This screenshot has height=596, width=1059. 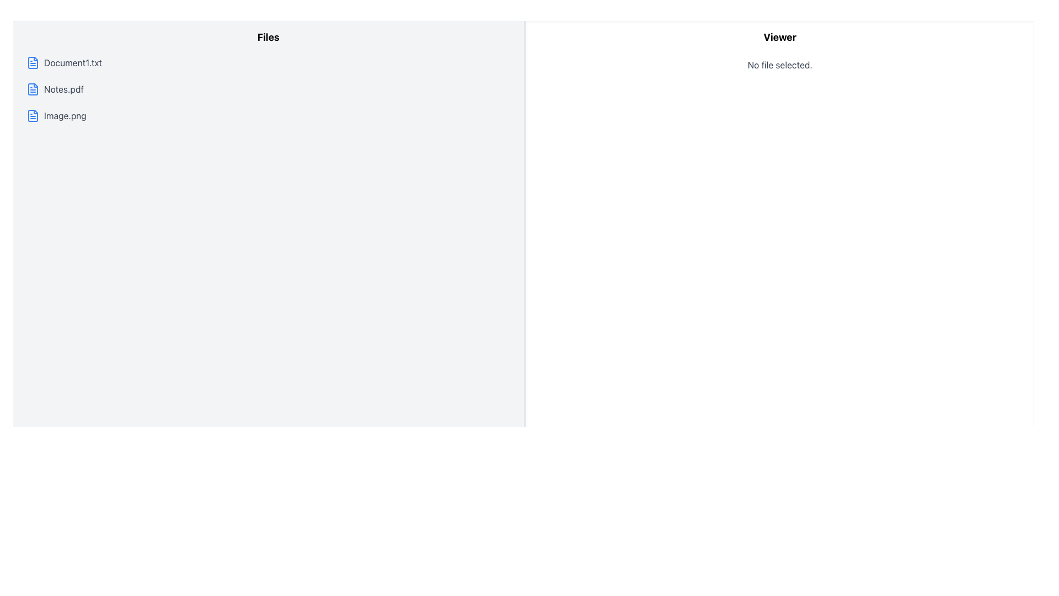 What do you see at coordinates (33, 115) in the screenshot?
I see `the document icon for the file named 'Image.png', which is located at the leftmost part of its row, to show options` at bounding box center [33, 115].